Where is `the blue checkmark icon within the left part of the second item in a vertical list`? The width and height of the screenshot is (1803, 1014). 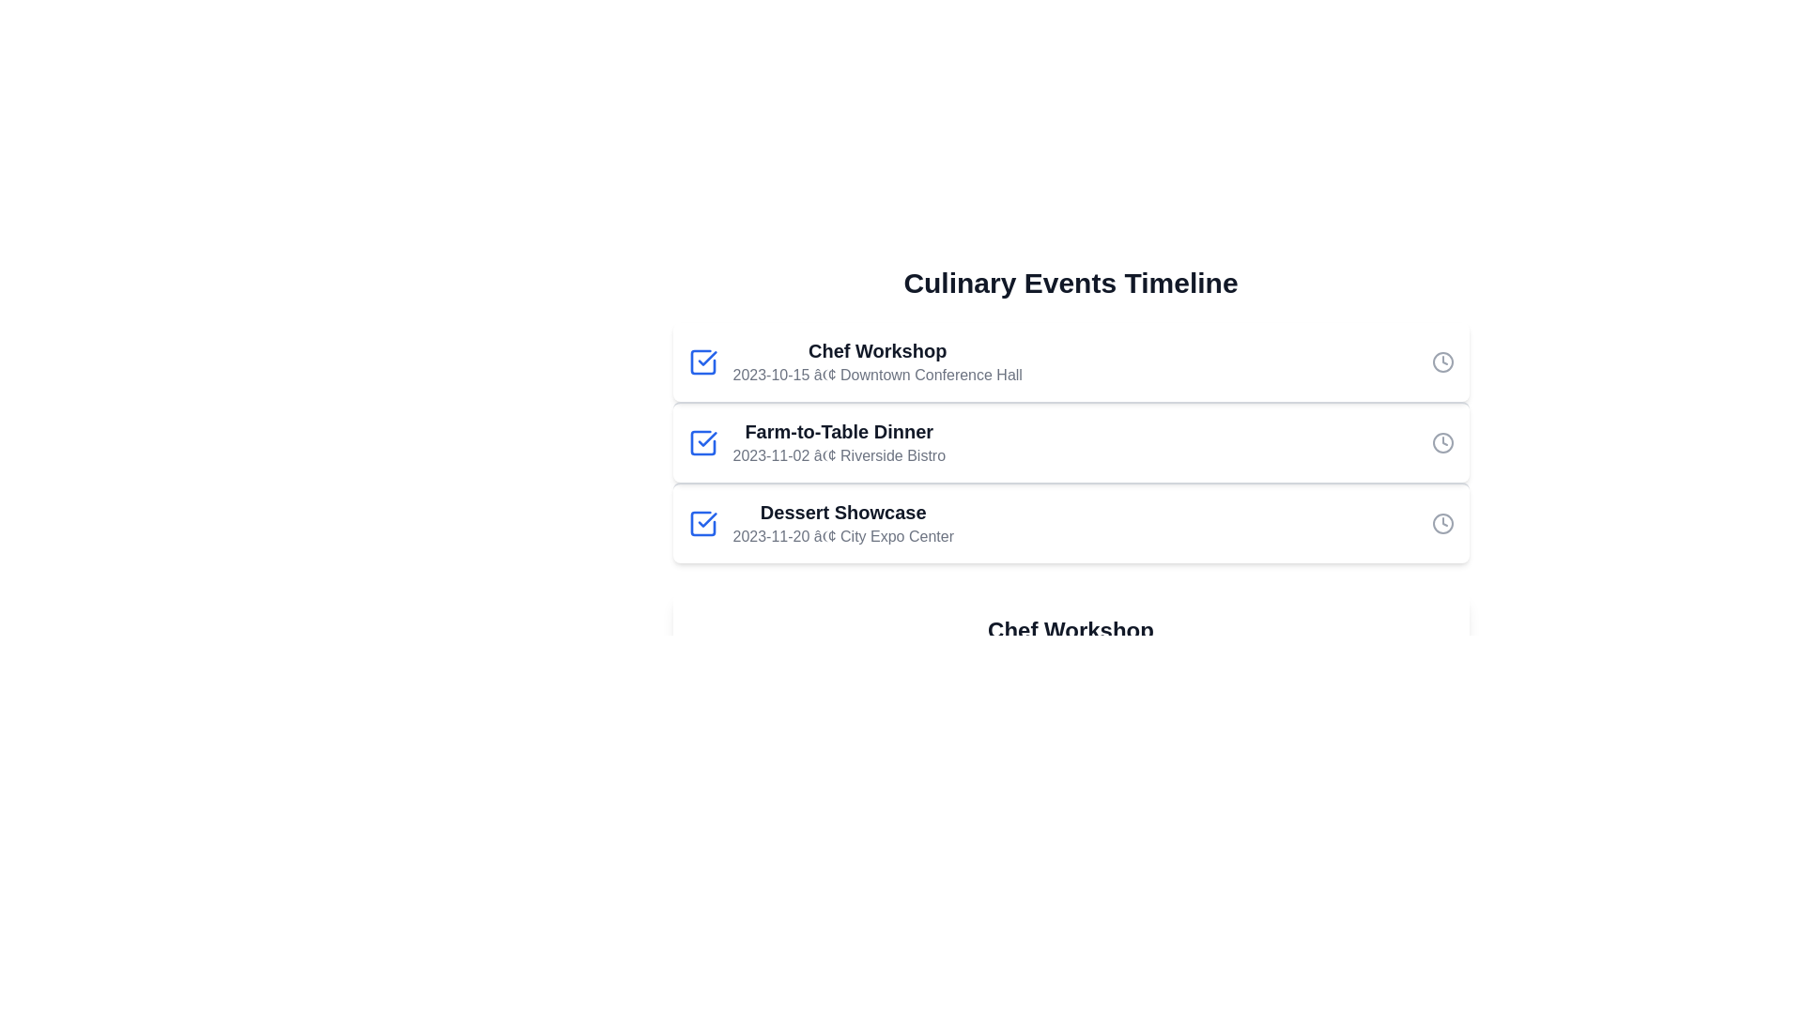 the blue checkmark icon within the left part of the second item in a vertical list is located at coordinates (706, 358).